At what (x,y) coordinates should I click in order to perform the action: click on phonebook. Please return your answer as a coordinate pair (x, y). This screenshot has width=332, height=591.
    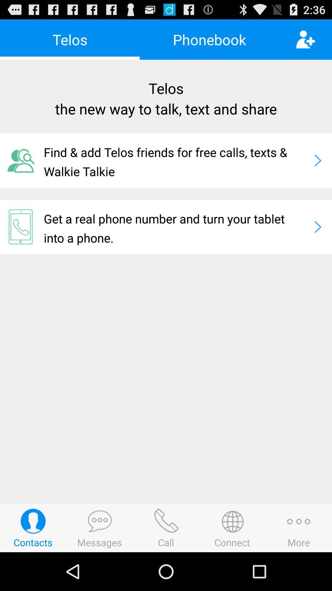
    Looking at the image, I should click on (209, 39).